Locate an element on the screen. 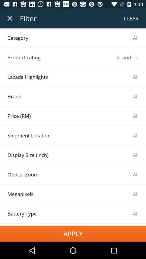  the item next to the filter item is located at coordinates (131, 18).